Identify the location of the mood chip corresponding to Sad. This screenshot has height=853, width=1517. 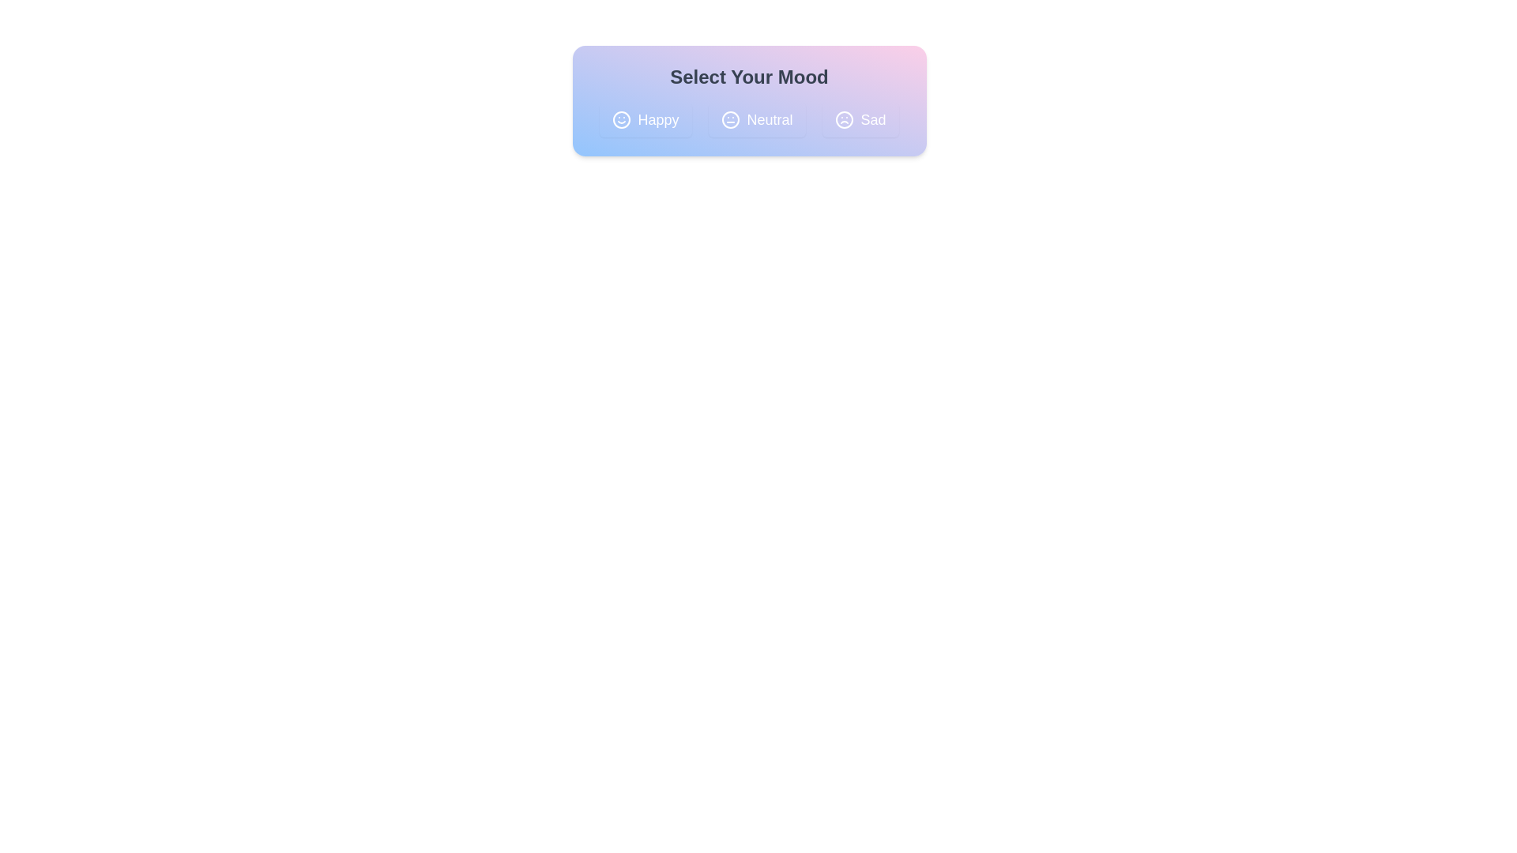
(860, 118).